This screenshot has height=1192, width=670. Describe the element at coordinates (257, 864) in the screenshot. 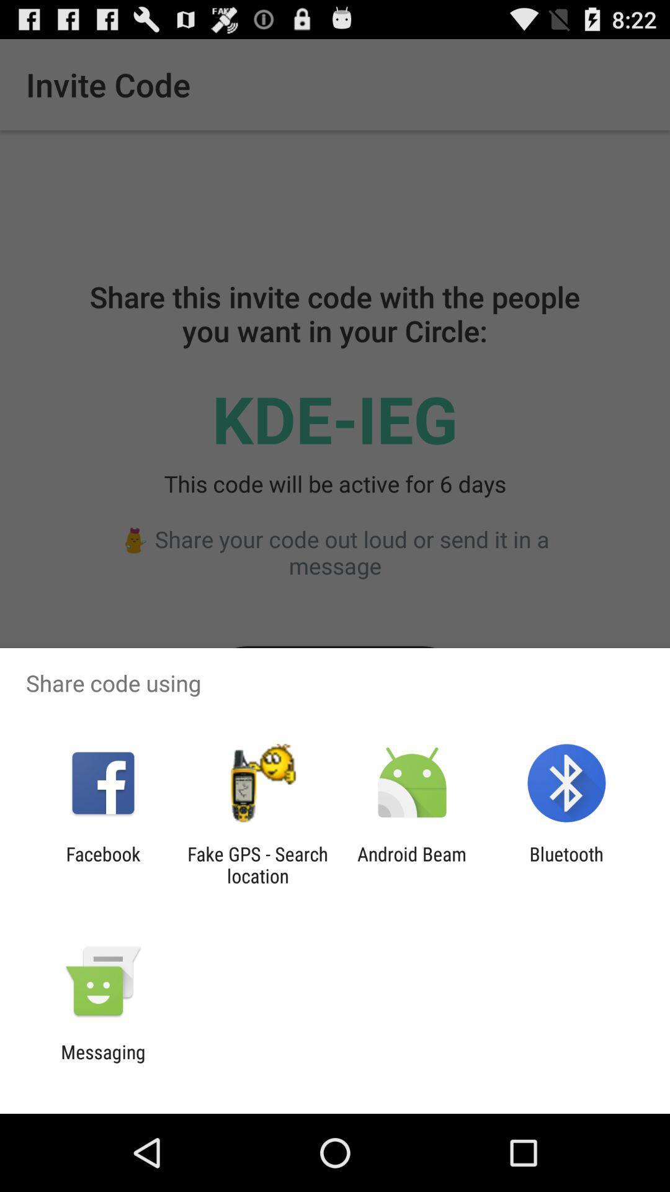

I see `the app to the right of facebook icon` at that location.